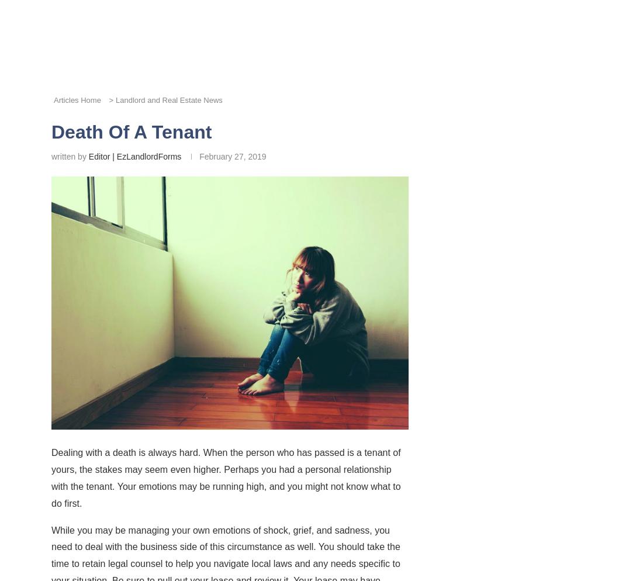 This screenshot has height=581, width=643. Describe the element at coordinates (562, 267) in the screenshot. I see `'Youtube'` at that location.